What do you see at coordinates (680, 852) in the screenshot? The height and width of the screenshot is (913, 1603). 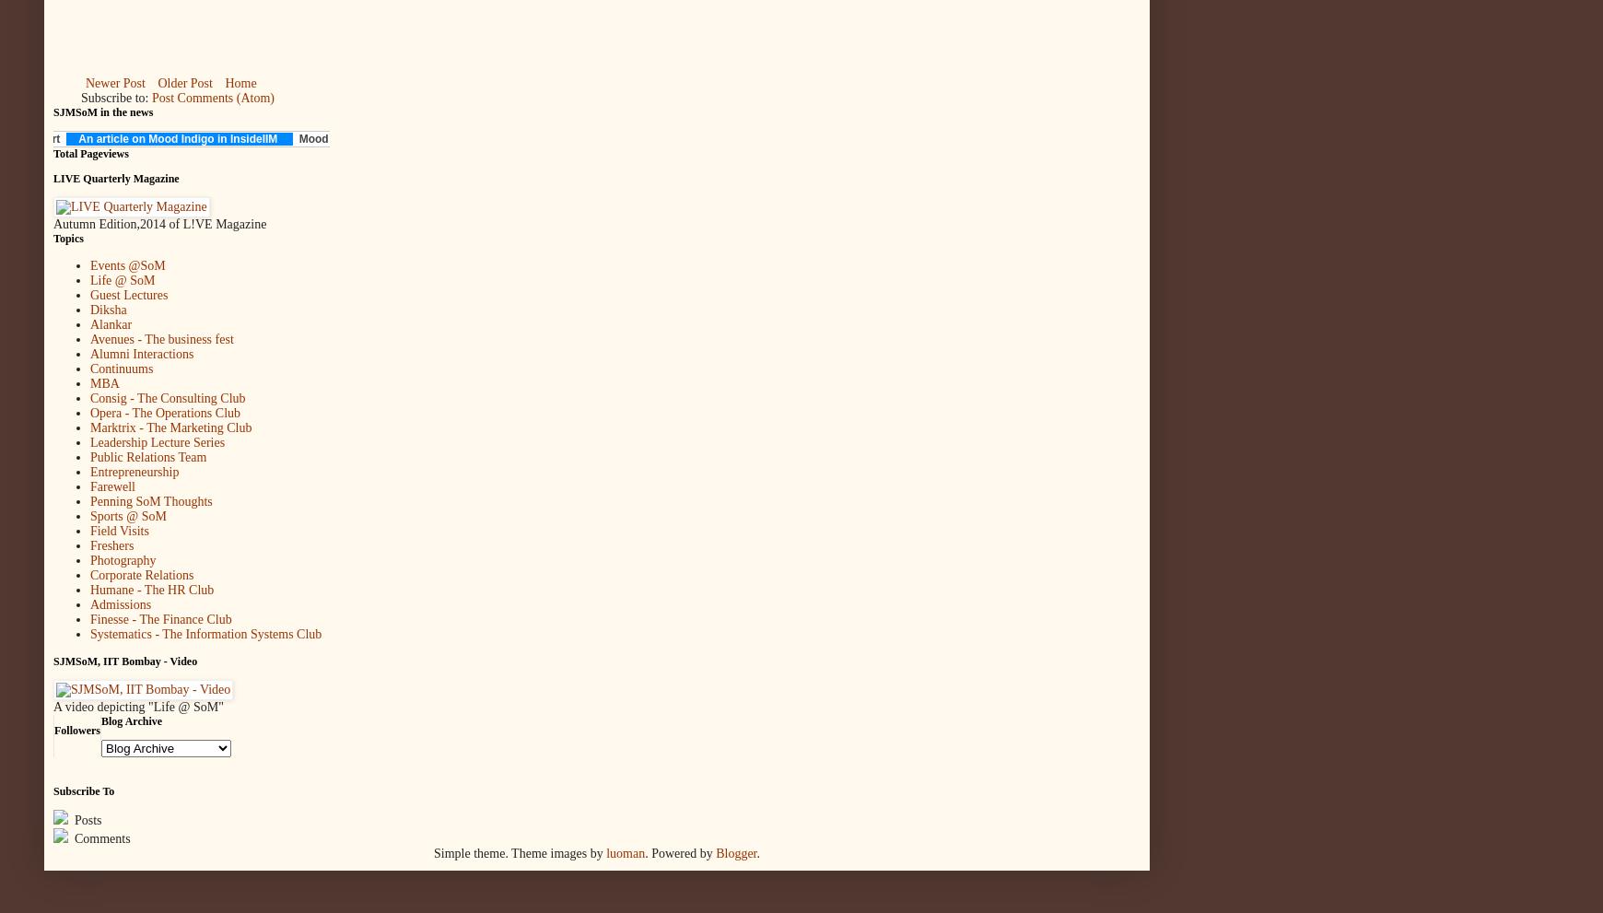 I see `'. Powered by'` at bounding box center [680, 852].